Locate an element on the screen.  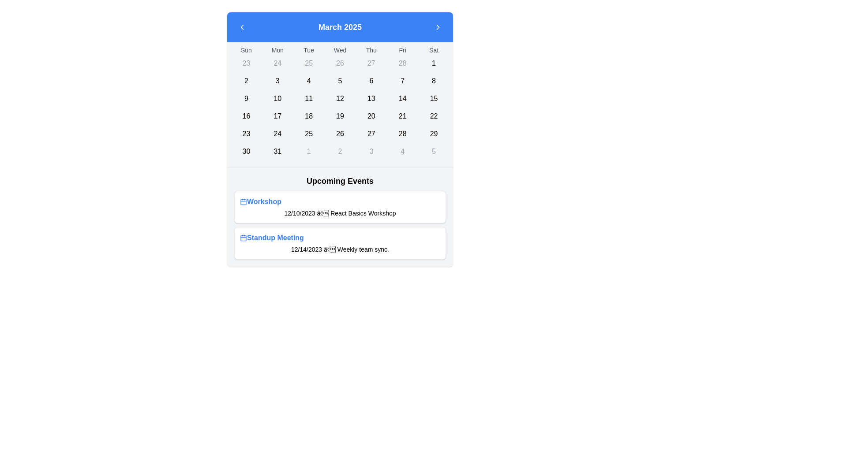
the calendar date cell representing the 28th of March, located under the 'Fri' column header in the second row of the calendar layout is located at coordinates (402, 63).